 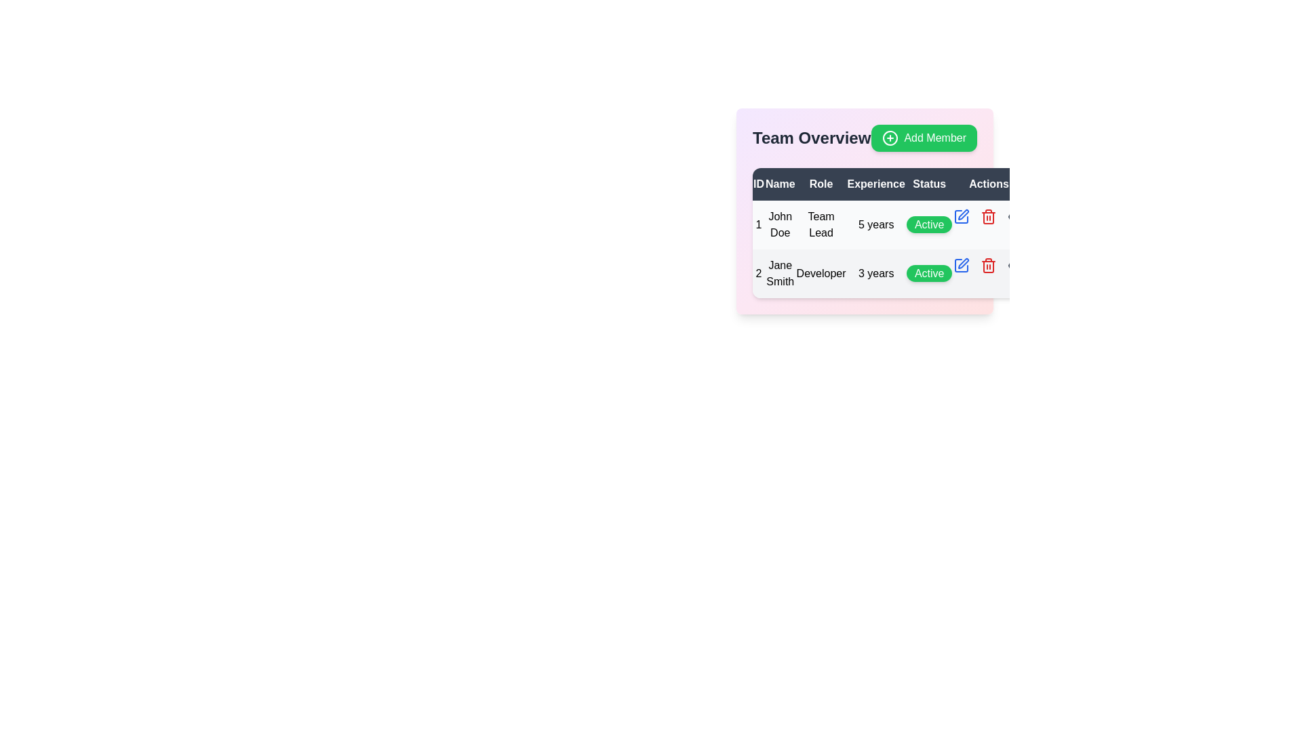 What do you see at coordinates (876, 224) in the screenshot?
I see `the non-interactive text display element that shows the experience duration for 'John Doe' in the 'Experience' column of the table` at bounding box center [876, 224].